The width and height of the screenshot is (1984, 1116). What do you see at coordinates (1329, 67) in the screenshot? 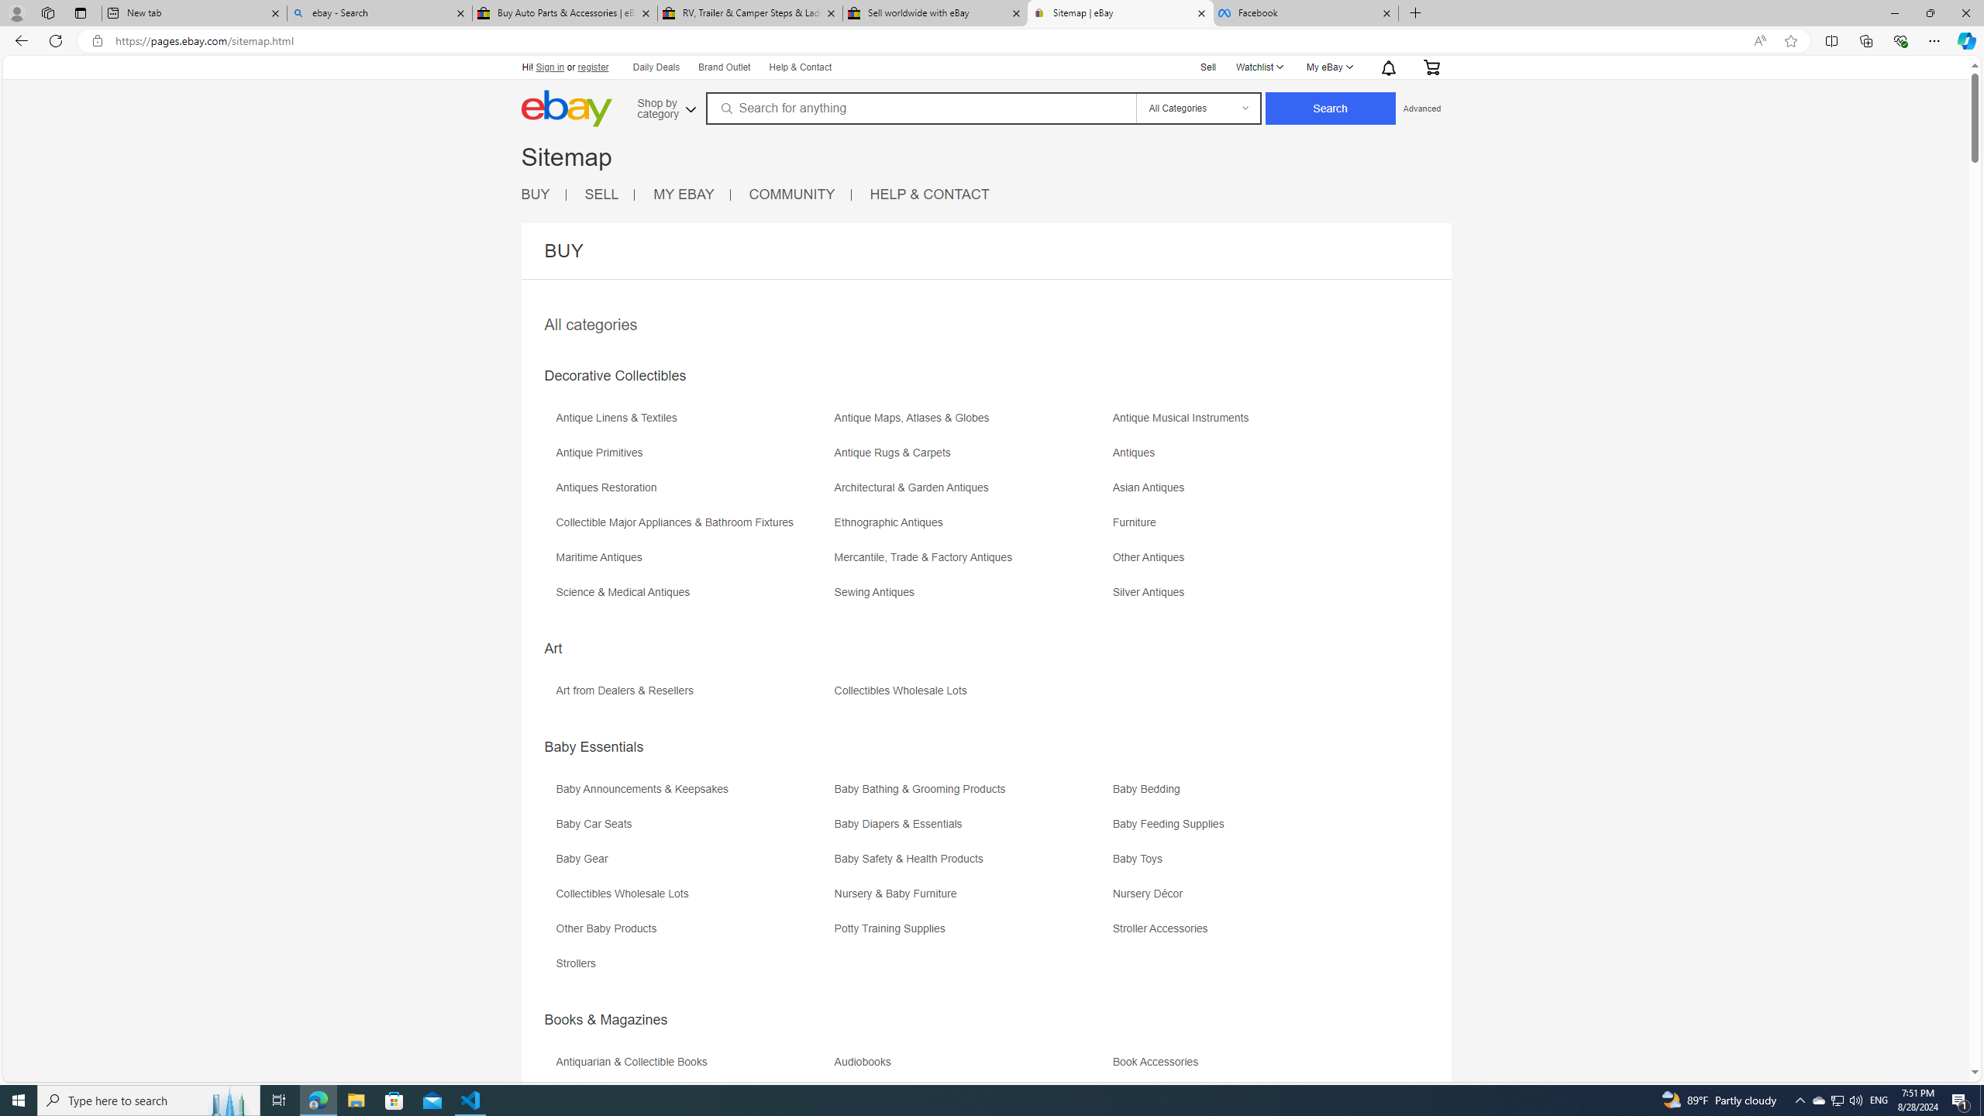
I see `'My eBayExpand My eBay'` at bounding box center [1329, 67].